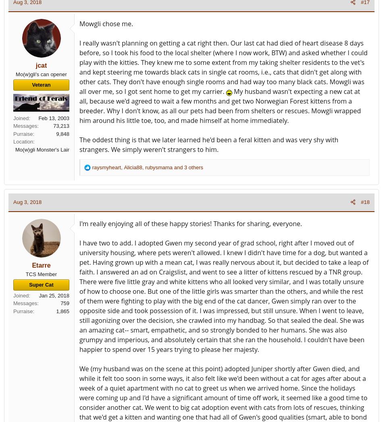 This screenshot has width=383, height=422. Describe the element at coordinates (223, 67) in the screenshot. I see `'I really wasn't planning on getting a cat right then. Our last cat had died of heart disease 8 days before, so I took his food to the local shelter (where I now work, BTW) and asked whether I could play with the kitties. They knew me to some extent from my taking shelter residents to the vet's and kept steering me towards black cats in single cat rooms, i.e., cats that didn't get along with other cats. They don't have enough single rooms and had way too many black cats. Mowgli was all over me, so I got sent home to get my carrier.'` at that location.